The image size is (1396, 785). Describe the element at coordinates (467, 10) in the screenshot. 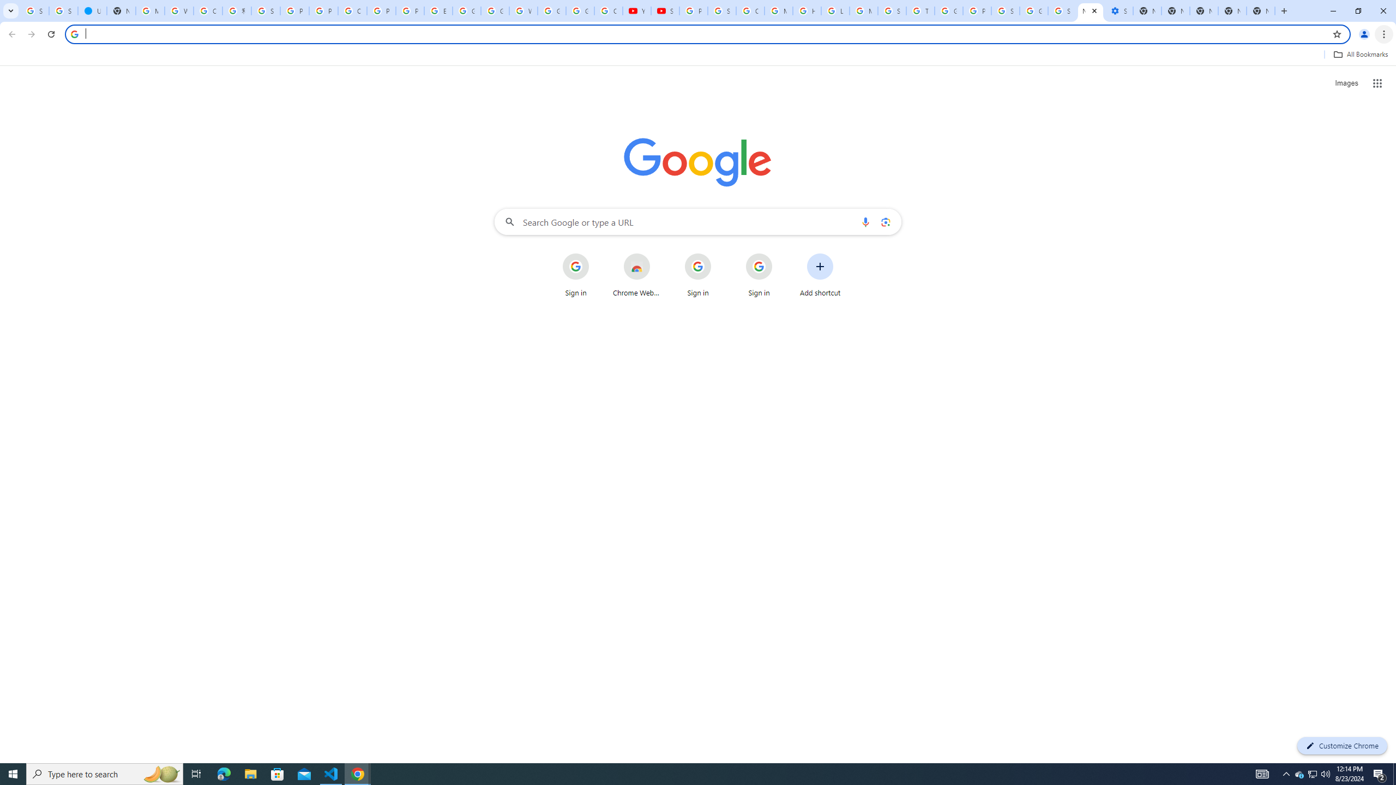

I see `'Google Slides: Sign-in'` at that location.